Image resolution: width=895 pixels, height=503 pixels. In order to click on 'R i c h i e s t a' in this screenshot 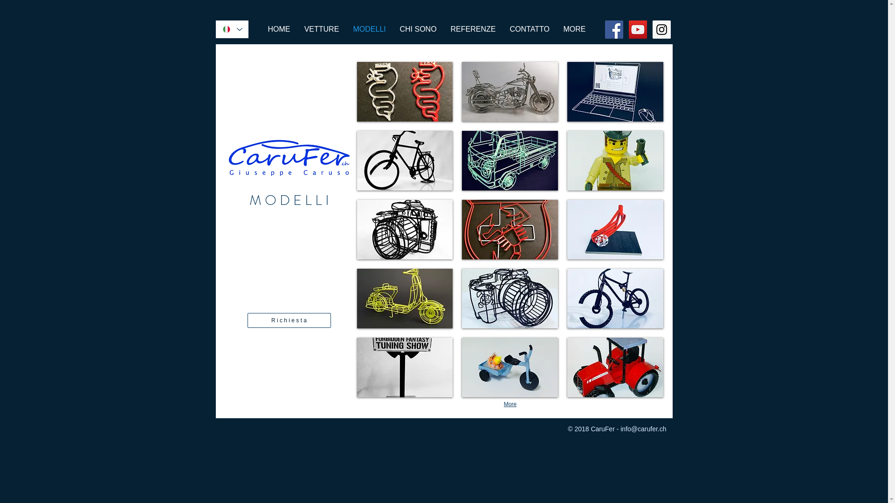, I will do `click(288, 319)`.